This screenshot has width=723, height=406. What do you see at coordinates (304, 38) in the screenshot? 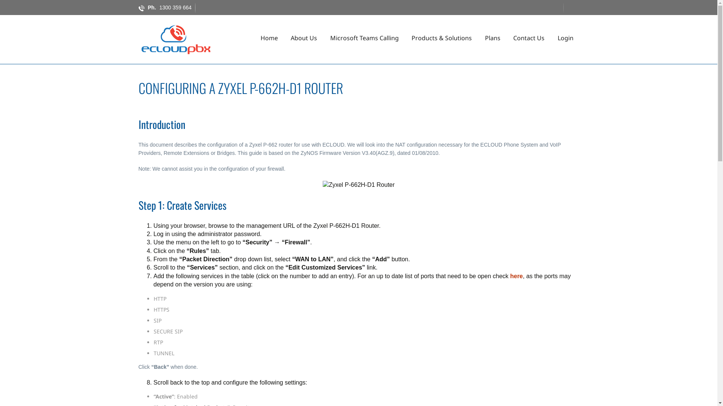
I see `'About Us'` at bounding box center [304, 38].